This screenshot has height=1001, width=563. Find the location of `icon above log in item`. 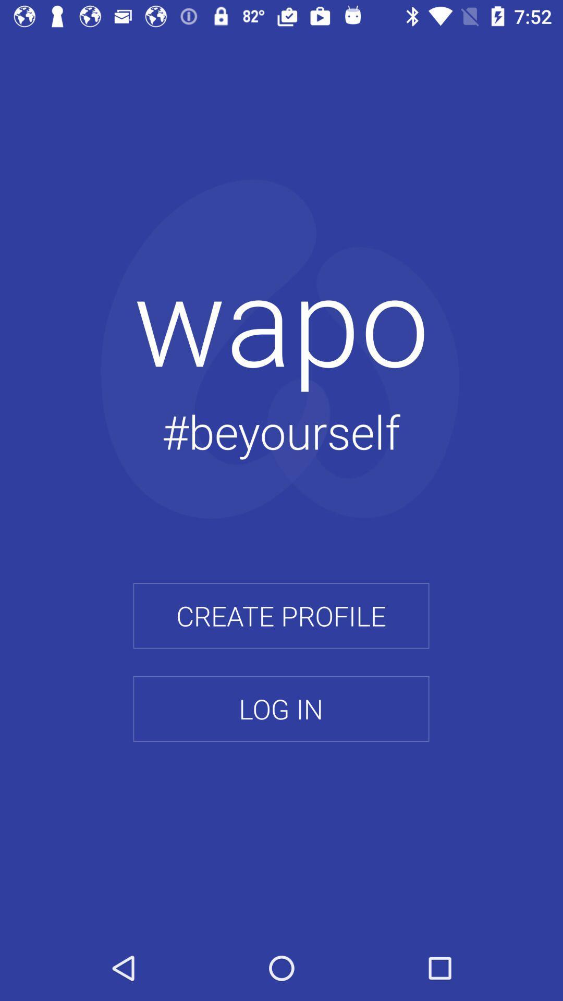

icon above log in item is located at coordinates (280, 616).